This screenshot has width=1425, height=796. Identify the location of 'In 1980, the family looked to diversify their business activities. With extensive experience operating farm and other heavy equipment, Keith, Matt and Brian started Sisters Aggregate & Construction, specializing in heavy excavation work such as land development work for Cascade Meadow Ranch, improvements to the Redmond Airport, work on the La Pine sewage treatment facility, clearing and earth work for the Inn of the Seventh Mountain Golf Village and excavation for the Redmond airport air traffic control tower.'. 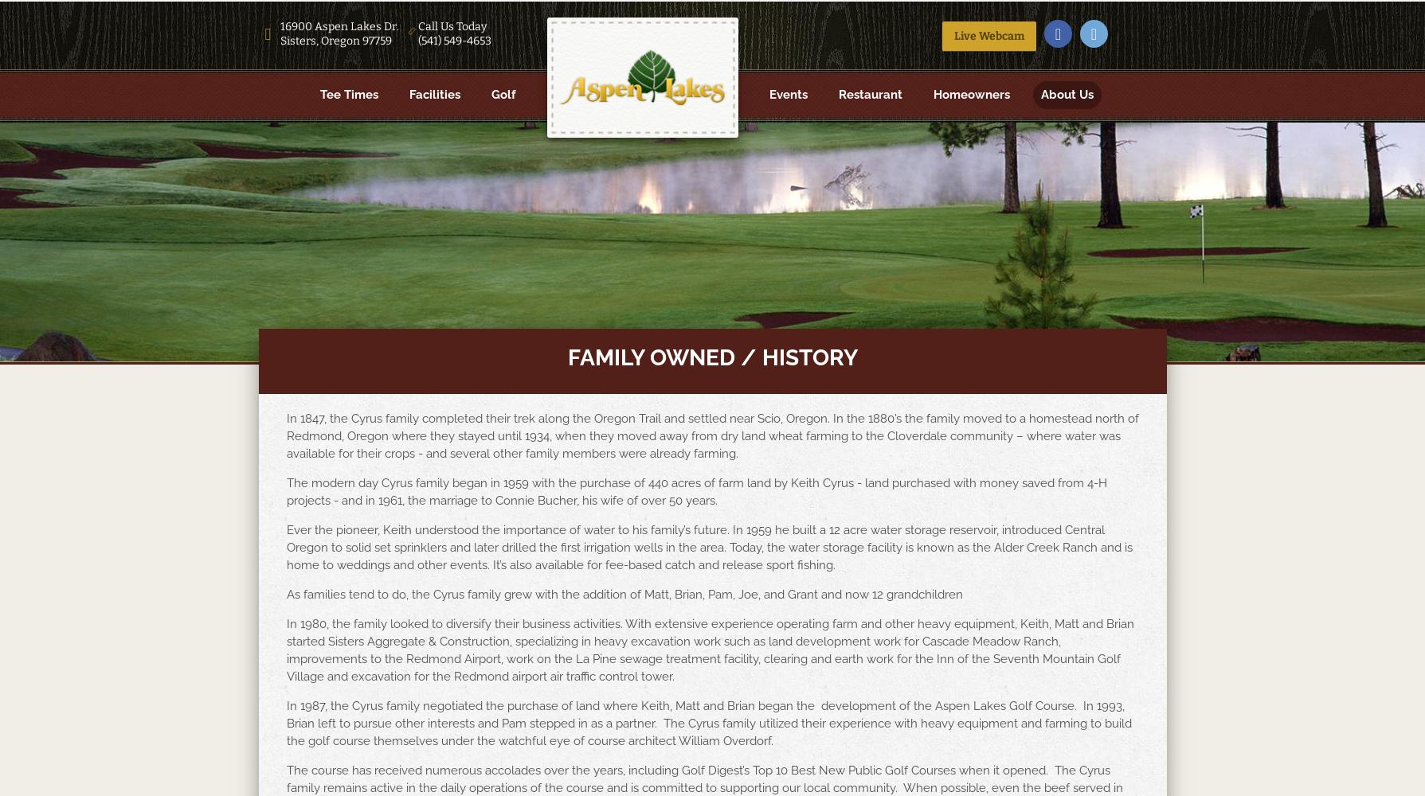
(285, 650).